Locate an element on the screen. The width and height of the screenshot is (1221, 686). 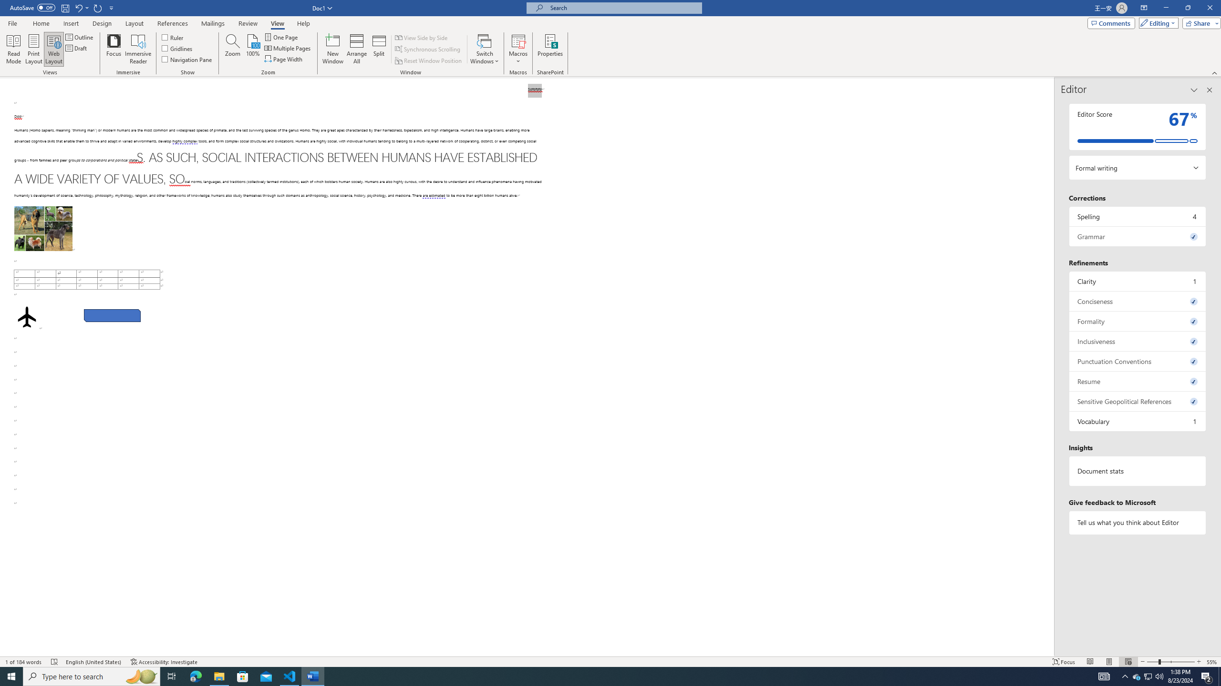
'Undo Paragraph Alignment' is located at coordinates (81, 7).